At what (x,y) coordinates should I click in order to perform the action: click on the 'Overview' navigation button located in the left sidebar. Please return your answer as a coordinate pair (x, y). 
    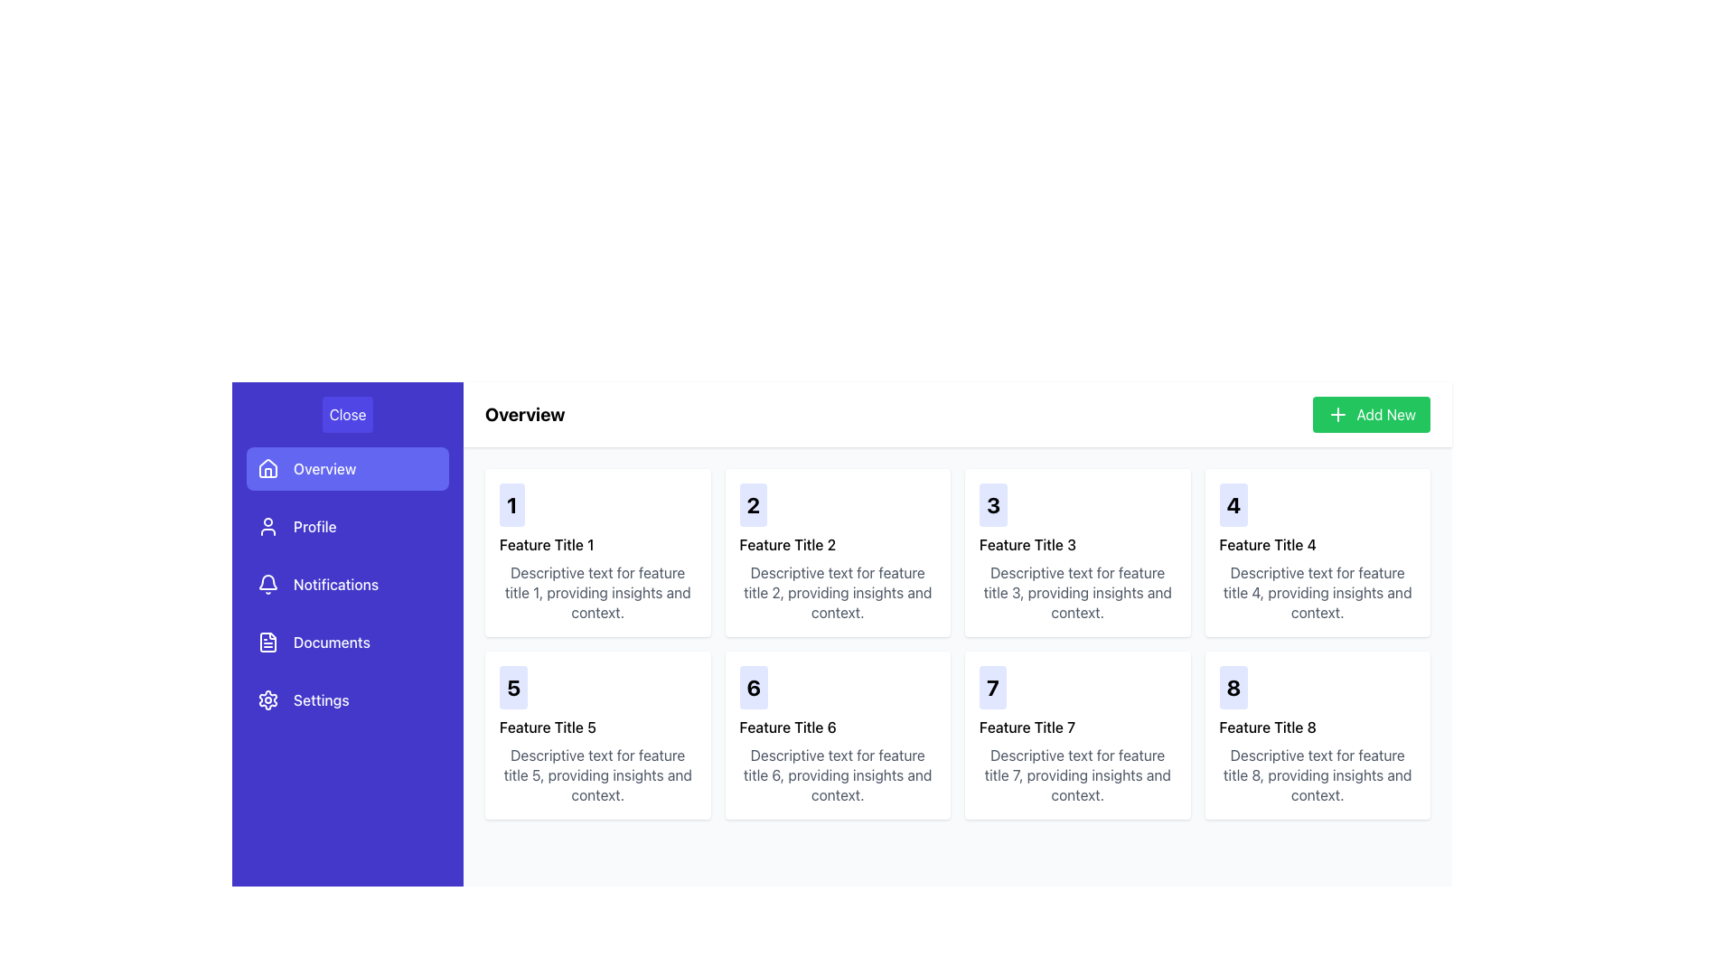
    Looking at the image, I should click on (347, 468).